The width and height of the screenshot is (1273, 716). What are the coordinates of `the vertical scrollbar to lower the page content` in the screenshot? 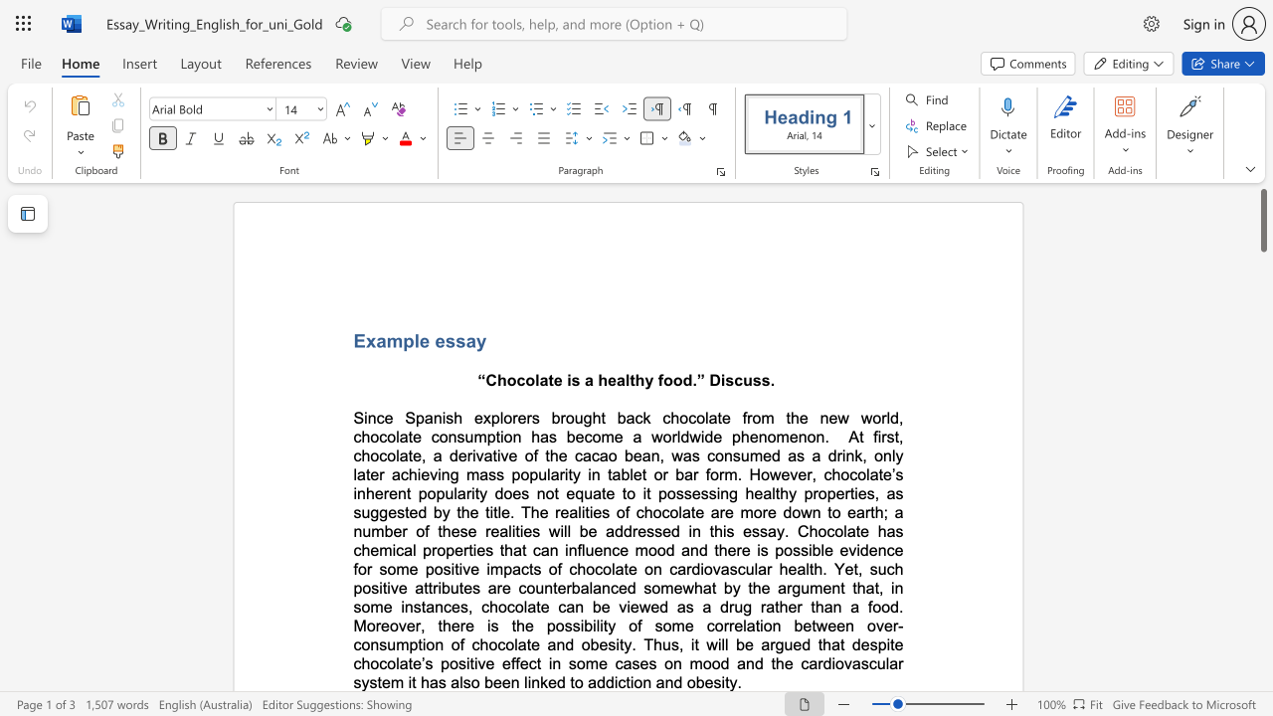 It's located at (1262, 615).